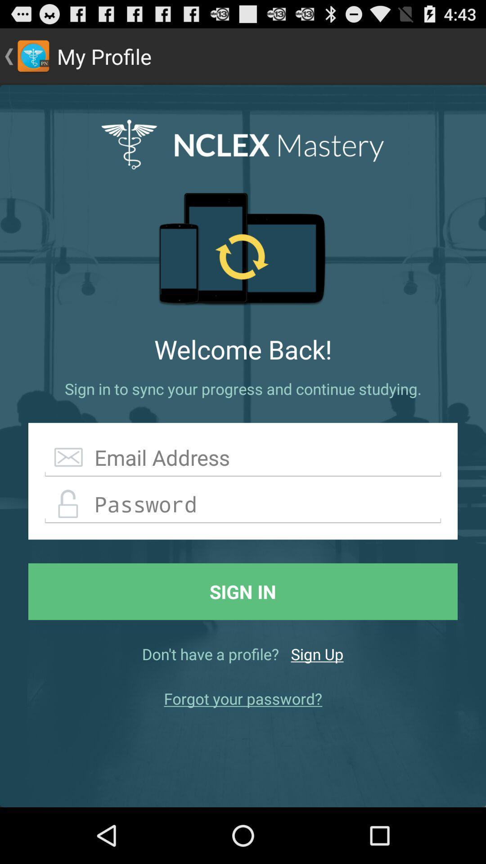 The height and width of the screenshot is (864, 486). What do you see at coordinates (243, 458) in the screenshot?
I see `email address` at bounding box center [243, 458].